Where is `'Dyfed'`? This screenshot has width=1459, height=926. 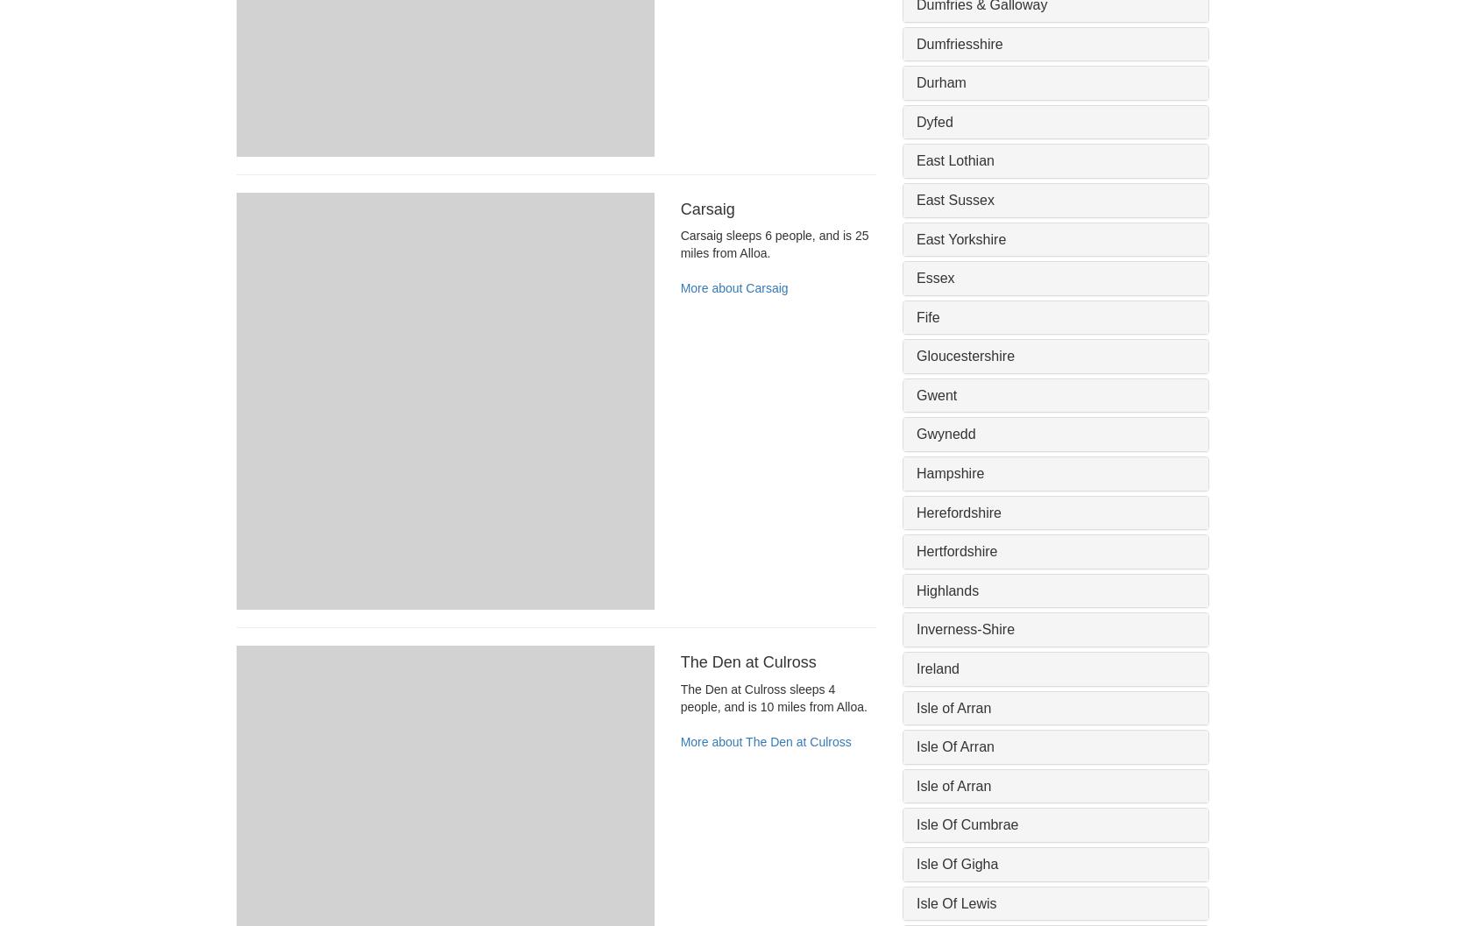
'Dyfed' is located at coordinates (933, 120).